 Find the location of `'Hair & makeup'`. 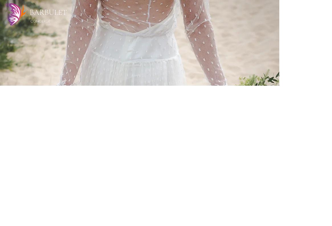

'Hair & makeup' is located at coordinates (171, 174).